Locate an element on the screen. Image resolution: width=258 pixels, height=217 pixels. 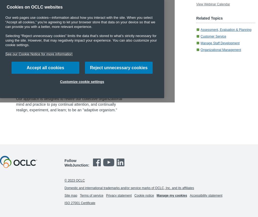
'WebJunction:' is located at coordinates (64, 165).